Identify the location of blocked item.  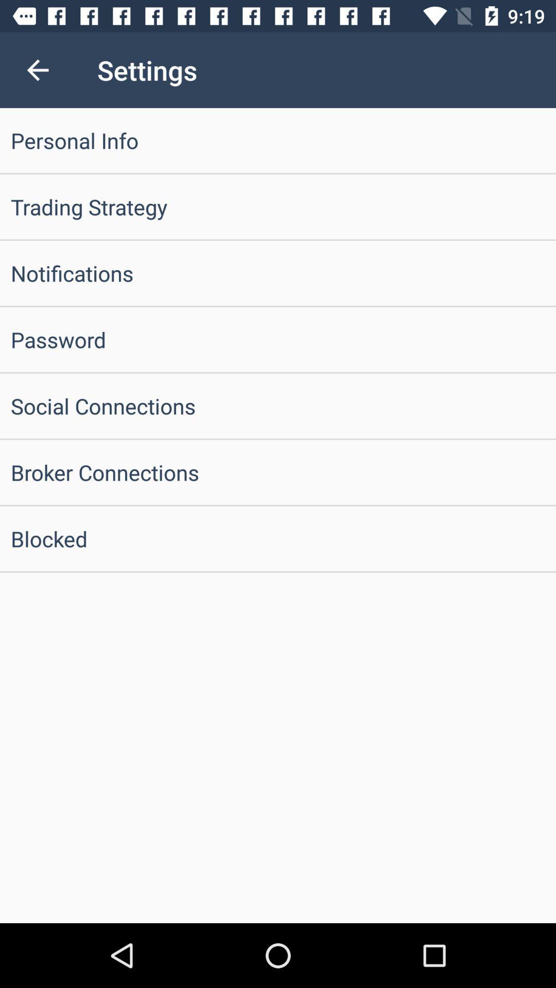
(278, 538).